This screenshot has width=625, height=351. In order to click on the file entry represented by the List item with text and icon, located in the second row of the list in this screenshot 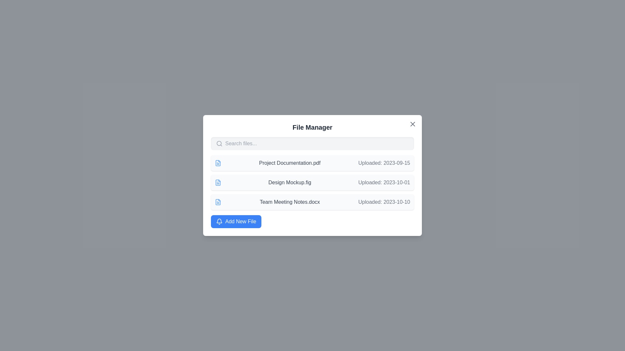, I will do `click(312, 183)`.